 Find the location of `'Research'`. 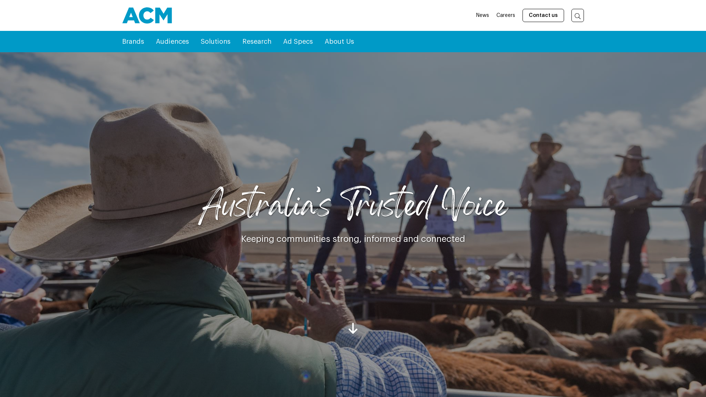

'Research' is located at coordinates (257, 41).